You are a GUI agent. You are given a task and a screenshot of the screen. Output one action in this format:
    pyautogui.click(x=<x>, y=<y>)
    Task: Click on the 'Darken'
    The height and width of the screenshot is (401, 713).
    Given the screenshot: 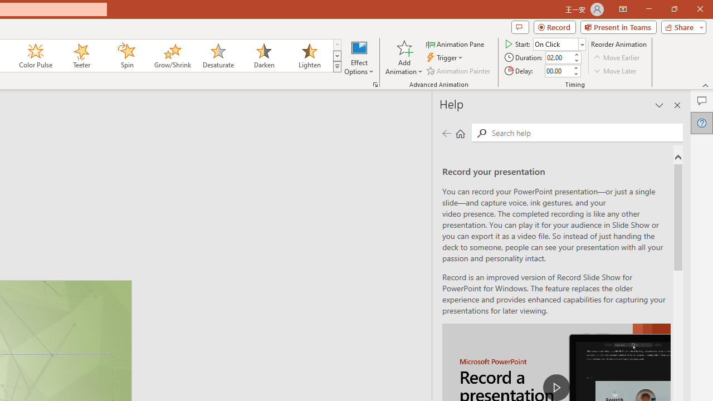 What is the action you would take?
    pyautogui.click(x=263, y=56)
    